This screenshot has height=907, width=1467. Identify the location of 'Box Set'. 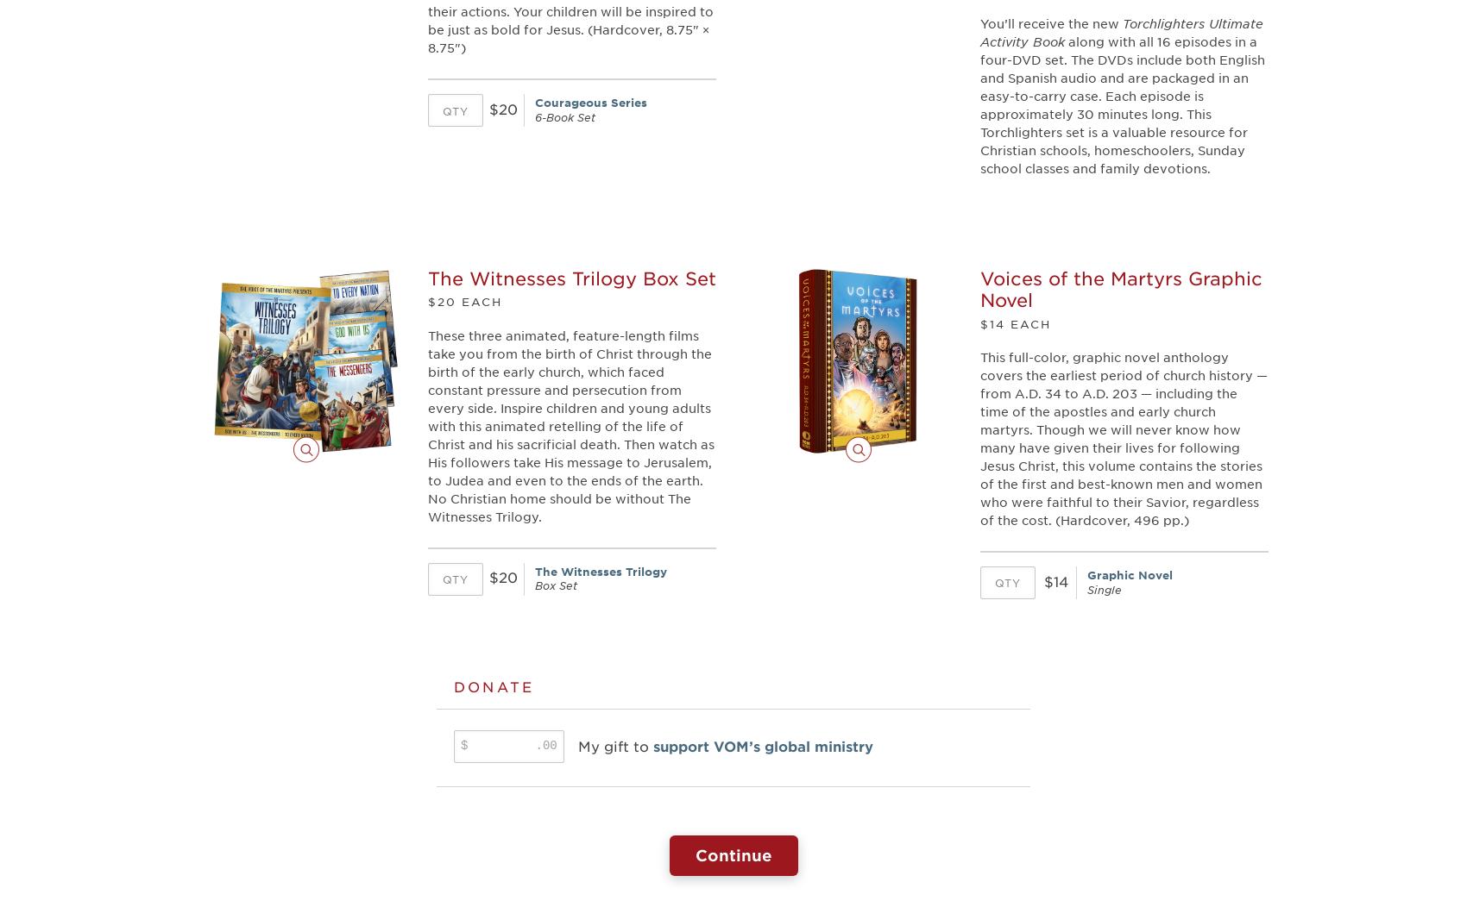
(556, 585).